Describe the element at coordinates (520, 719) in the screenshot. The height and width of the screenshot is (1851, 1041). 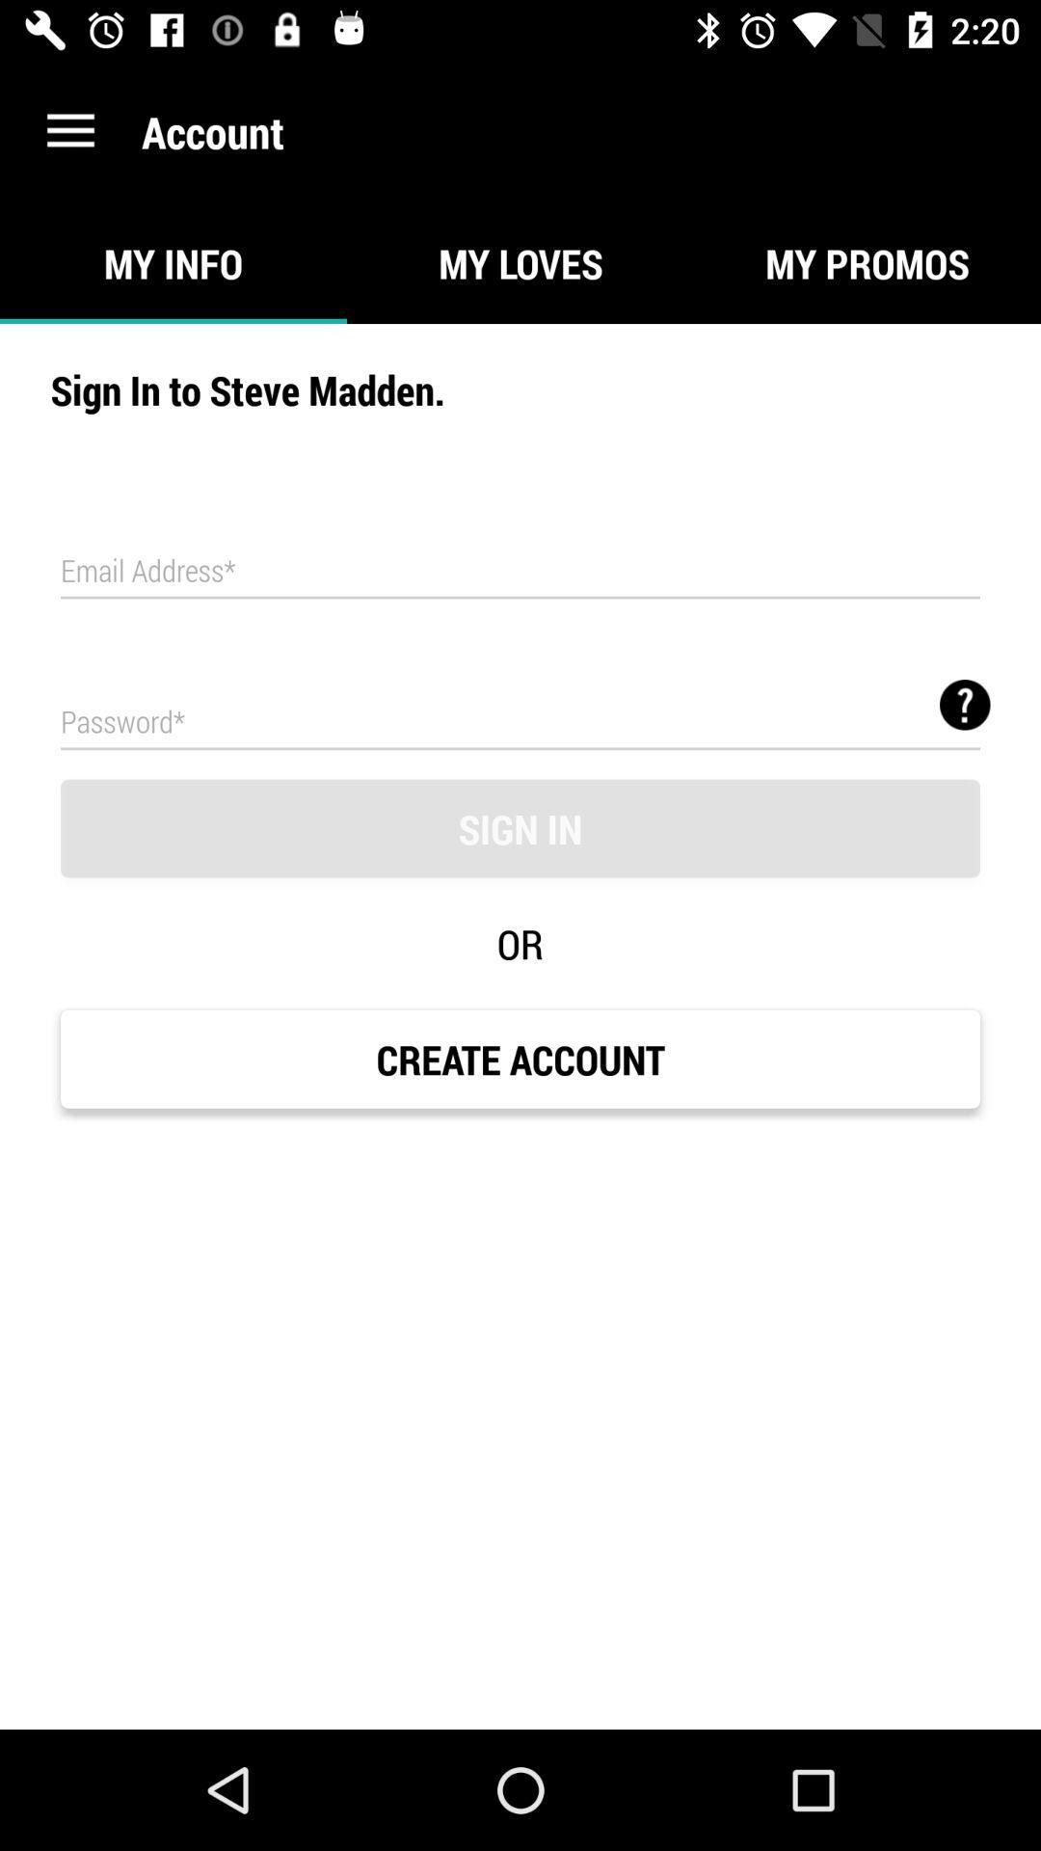
I see `password` at that location.